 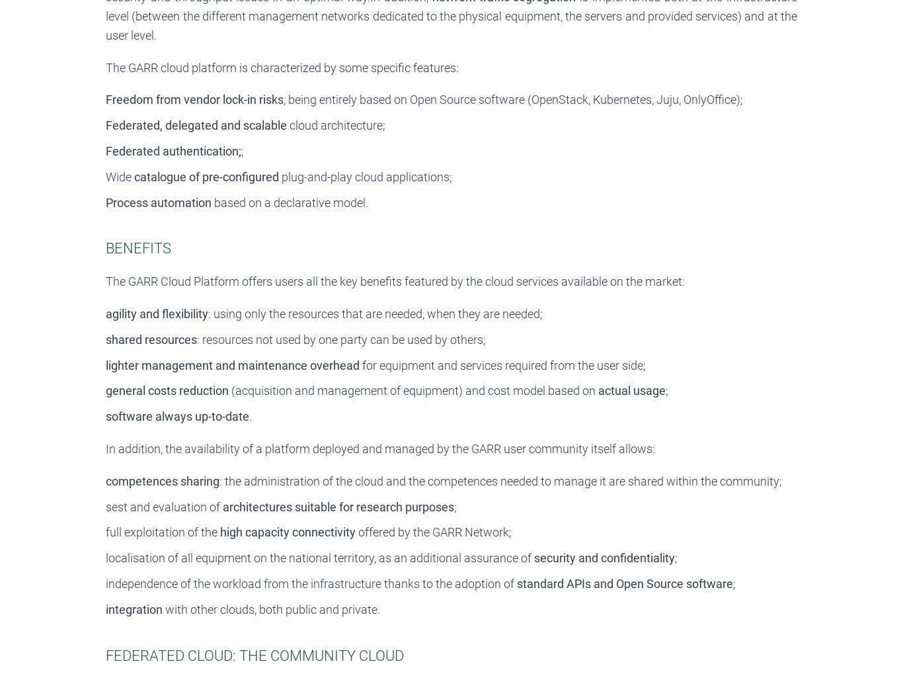 What do you see at coordinates (282, 66) in the screenshot?
I see `'The GARR cloud platform is characterized by some specific features:'` at bounding box center [282, 66].